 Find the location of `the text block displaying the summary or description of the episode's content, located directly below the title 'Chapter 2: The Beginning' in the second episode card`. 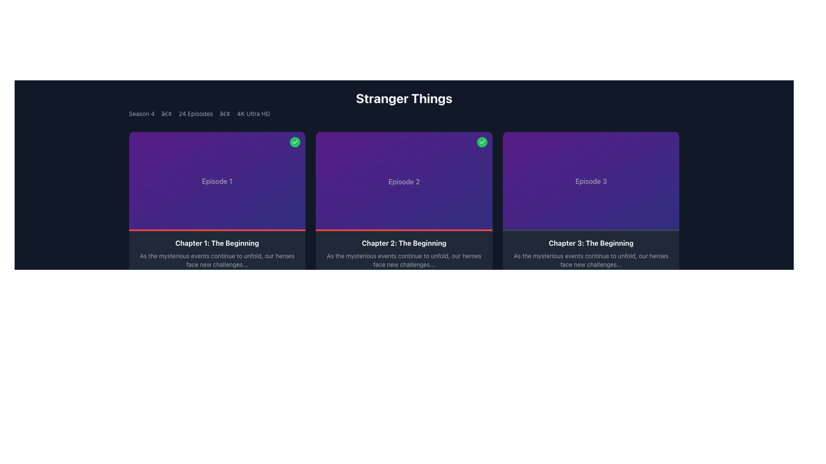

the text block displaying the summary or description of the episode's content, located directly below the title 'Chapter 2: The Beginning' in the second episode card is located at coordinates (404, 259).